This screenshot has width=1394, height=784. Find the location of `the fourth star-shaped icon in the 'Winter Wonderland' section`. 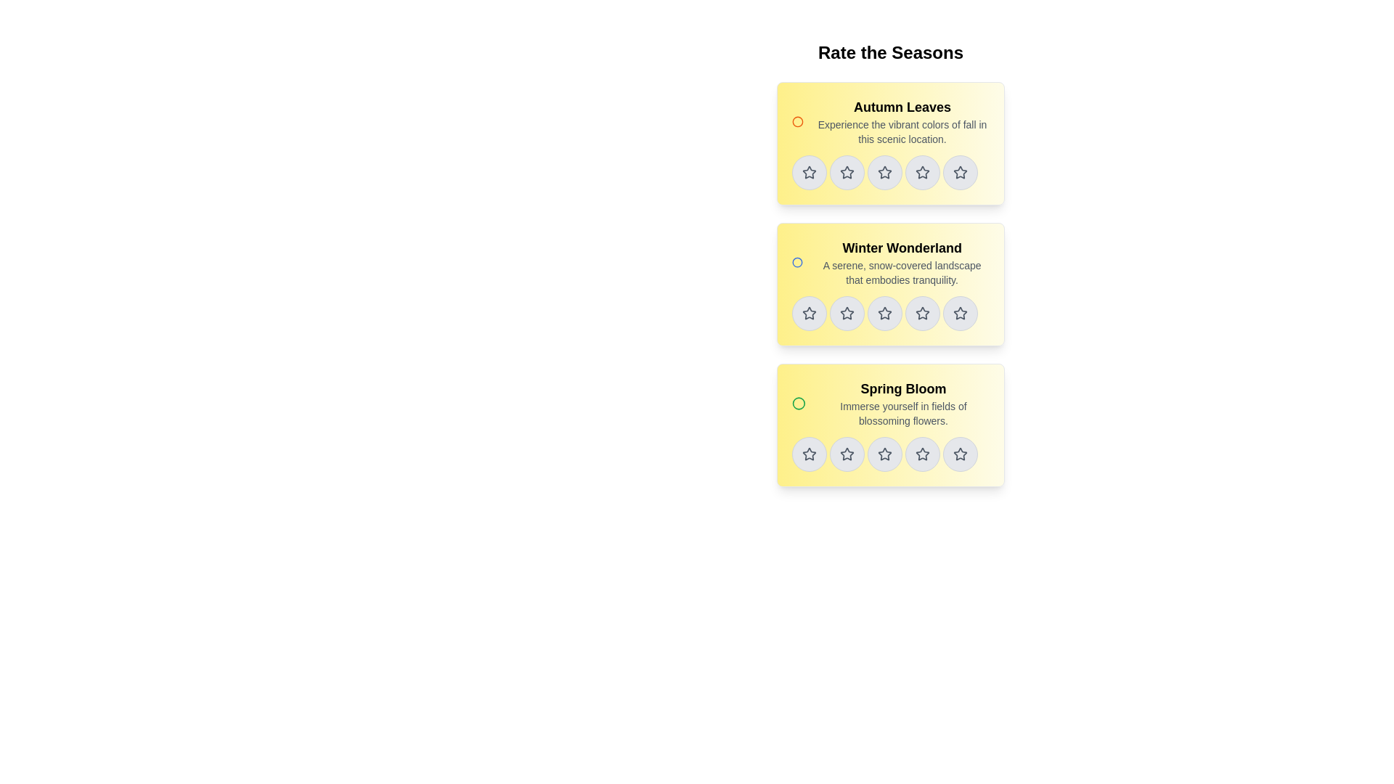

the fourth star-shaped icon in the 'Winter Wonderland' section is located at coordinates (847, 312).